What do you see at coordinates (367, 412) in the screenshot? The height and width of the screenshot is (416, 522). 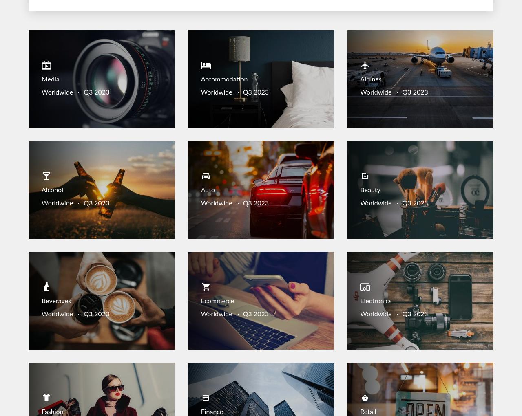 I see `'Retail'` at bounding box center [367, 412].